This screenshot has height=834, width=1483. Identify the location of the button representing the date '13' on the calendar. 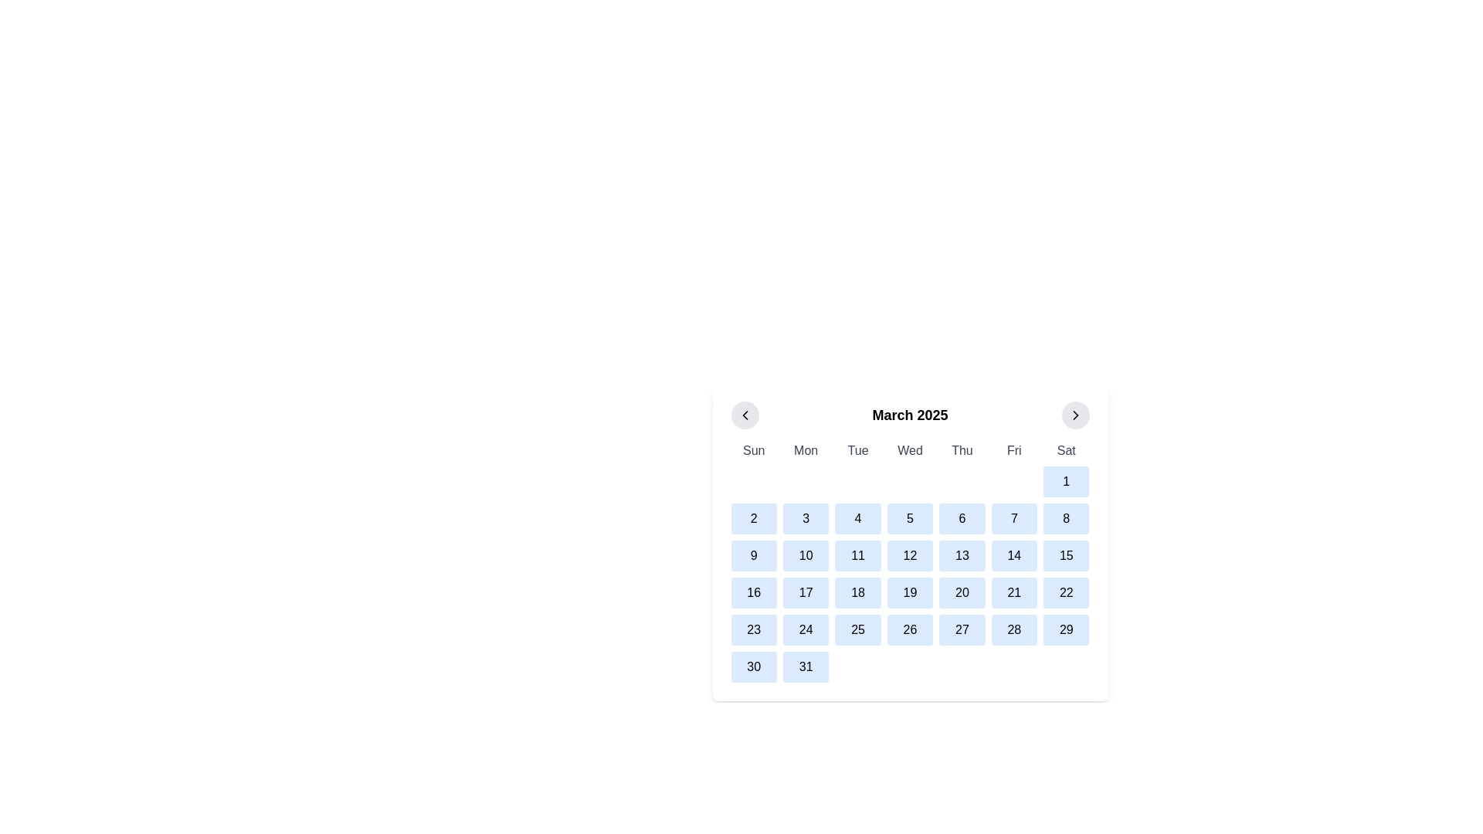
(961, 556).